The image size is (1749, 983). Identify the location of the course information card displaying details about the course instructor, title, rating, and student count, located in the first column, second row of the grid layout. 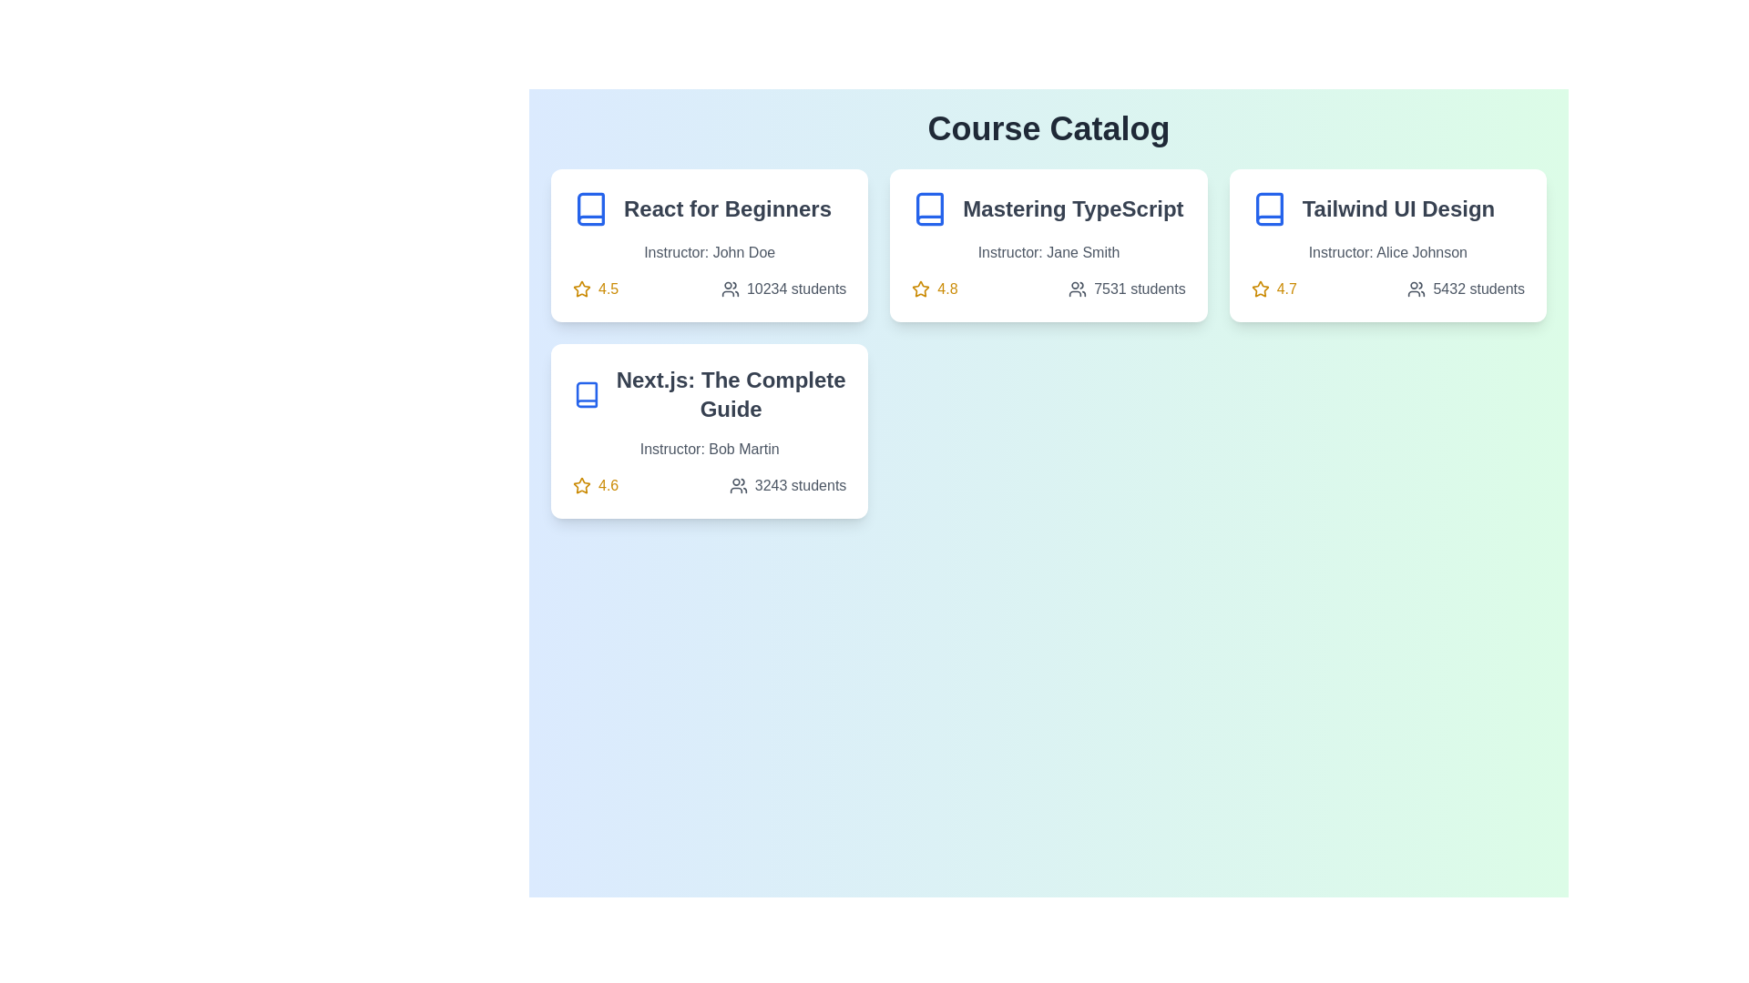
(709, 431).